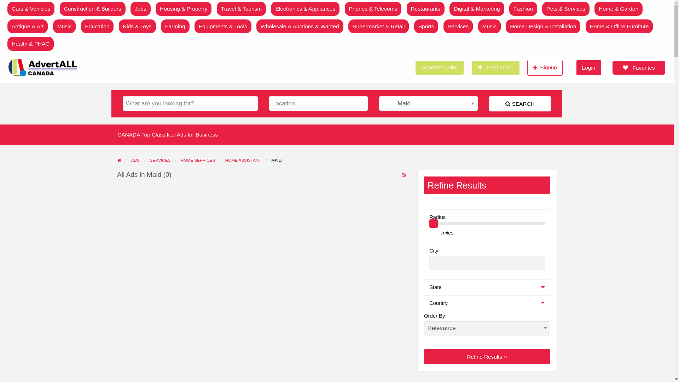  What do you see at coordinates (378, 26) in the screenshot?
I see `'Supermarket & Retail'` at bounding box center [378, 26].